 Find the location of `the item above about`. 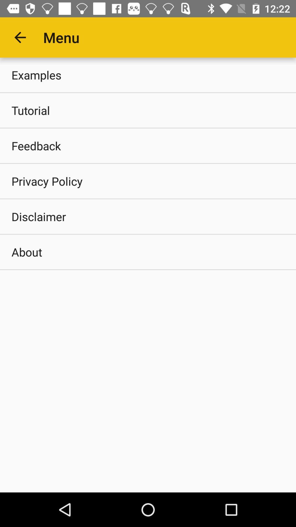

the item above about is located at coordinates (148, 216).